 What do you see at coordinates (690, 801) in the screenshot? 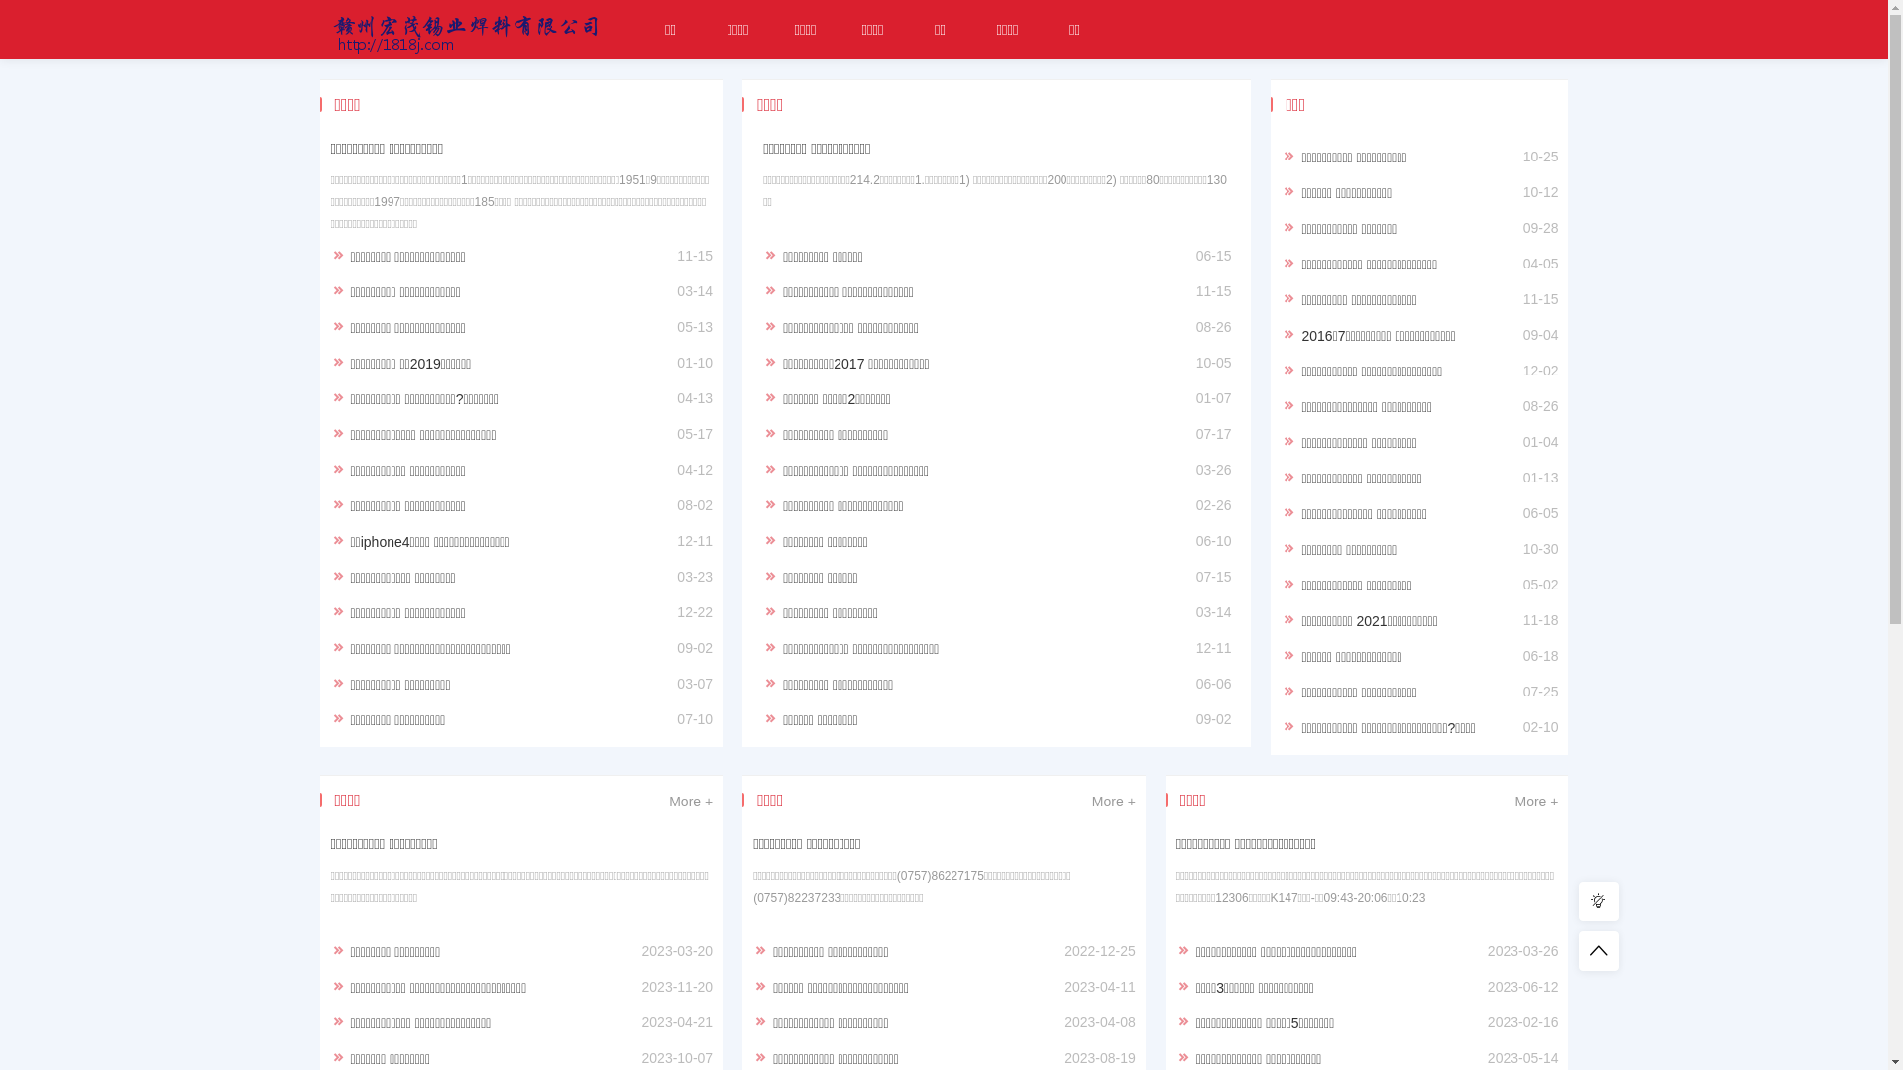
I see `'More +'` at bounding box center [690, 801].